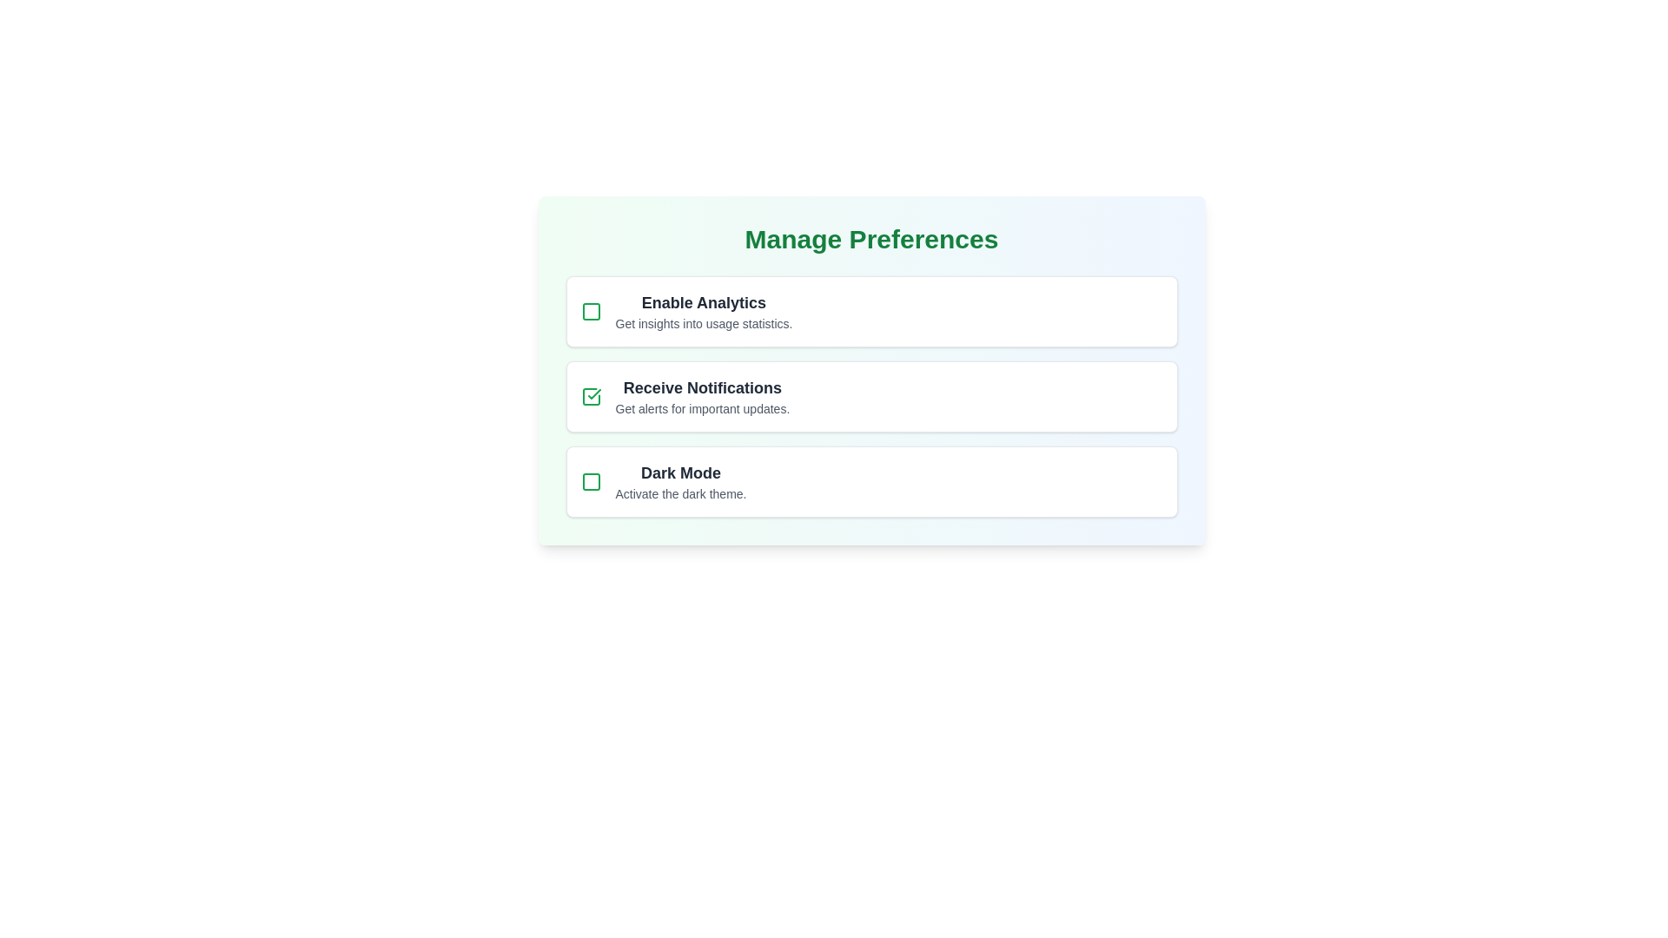 The width and height of the screenshot is (1668, 938). What do you see at coordinates (704, 301) in the screenshot?
I see `the static text label for 'Enable Analytics' in the preference settings, which serves as the title for the associated action` at bounding box center [704, 301].